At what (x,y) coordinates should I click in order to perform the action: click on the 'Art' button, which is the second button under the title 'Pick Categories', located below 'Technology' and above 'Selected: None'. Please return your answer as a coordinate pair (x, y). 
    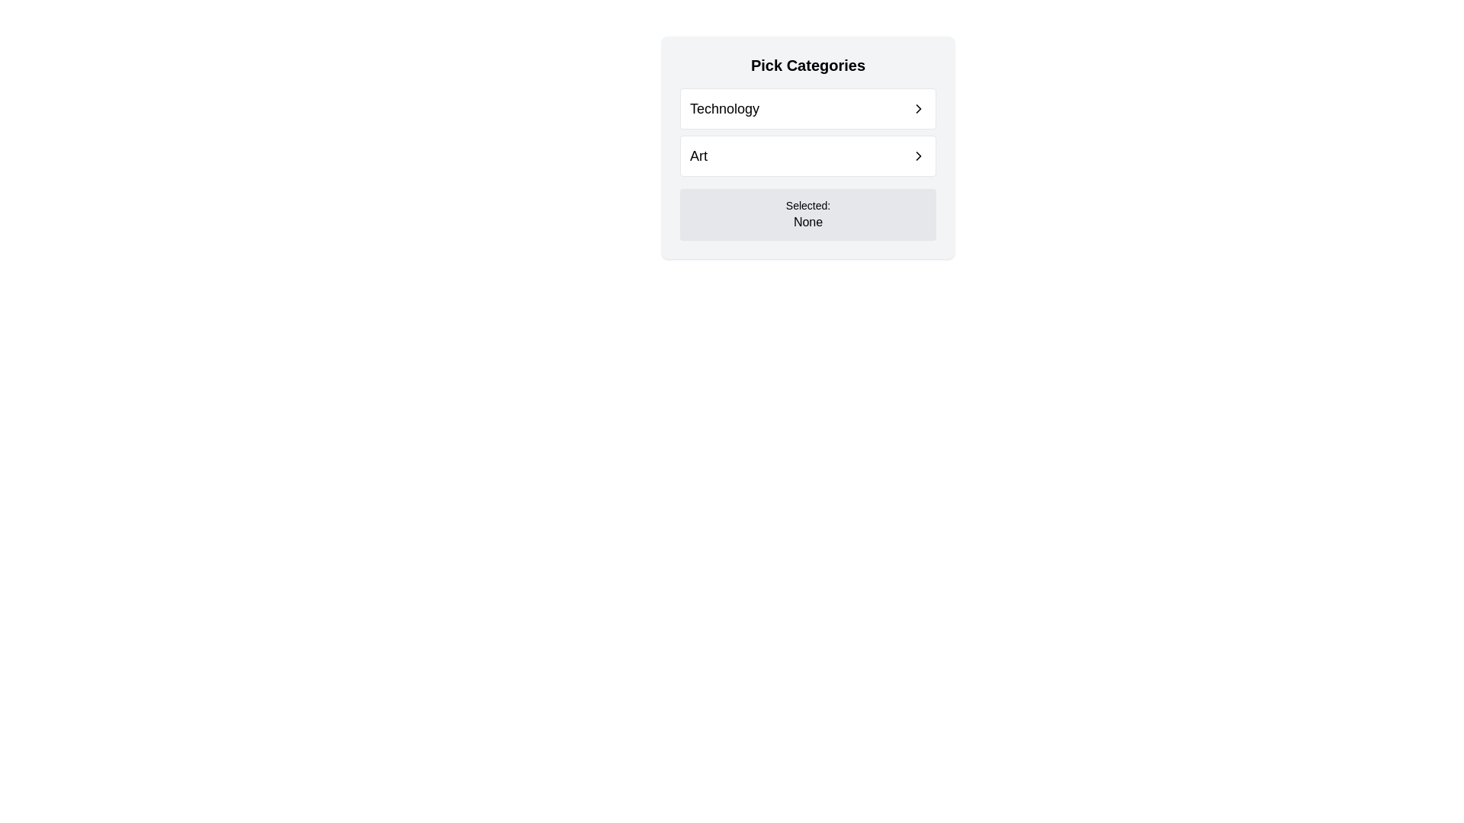
    Looking at the image, I should click on (807, 155).